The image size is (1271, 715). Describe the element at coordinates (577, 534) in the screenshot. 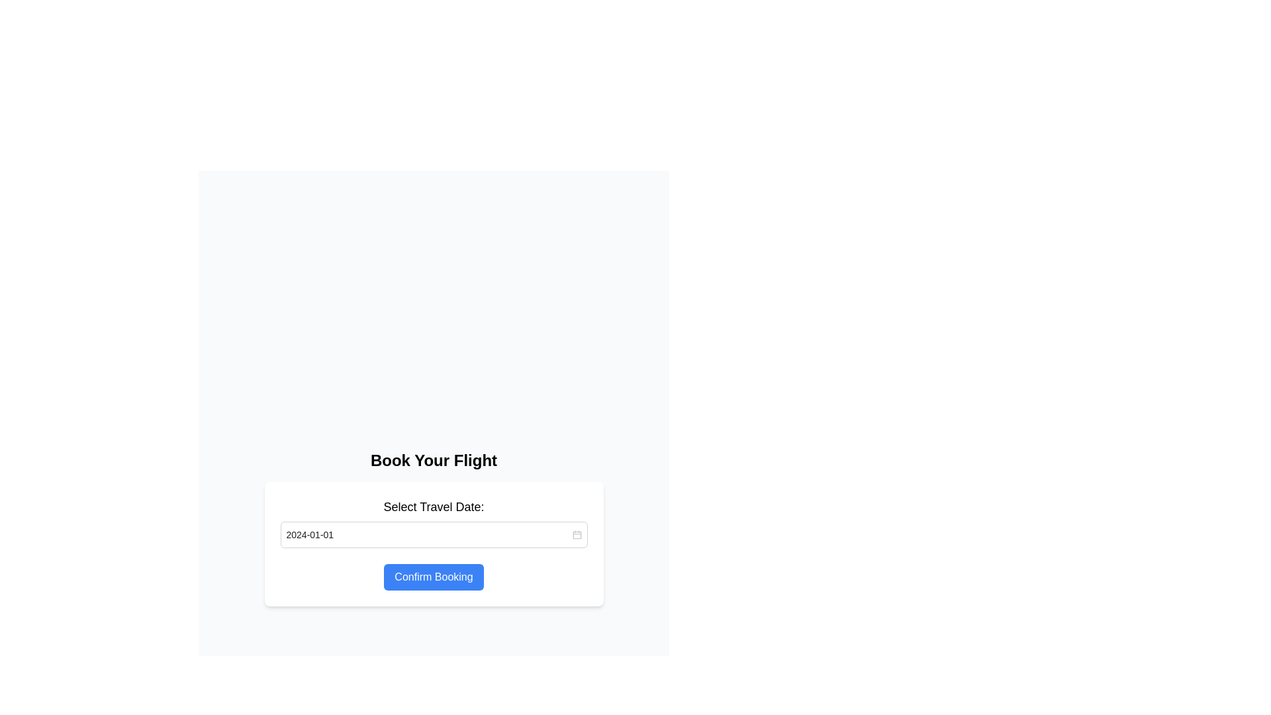

I see `the calendar icon with a gray outline and white background, located at the far right of the date picker input box, to emphasize it` at that location.